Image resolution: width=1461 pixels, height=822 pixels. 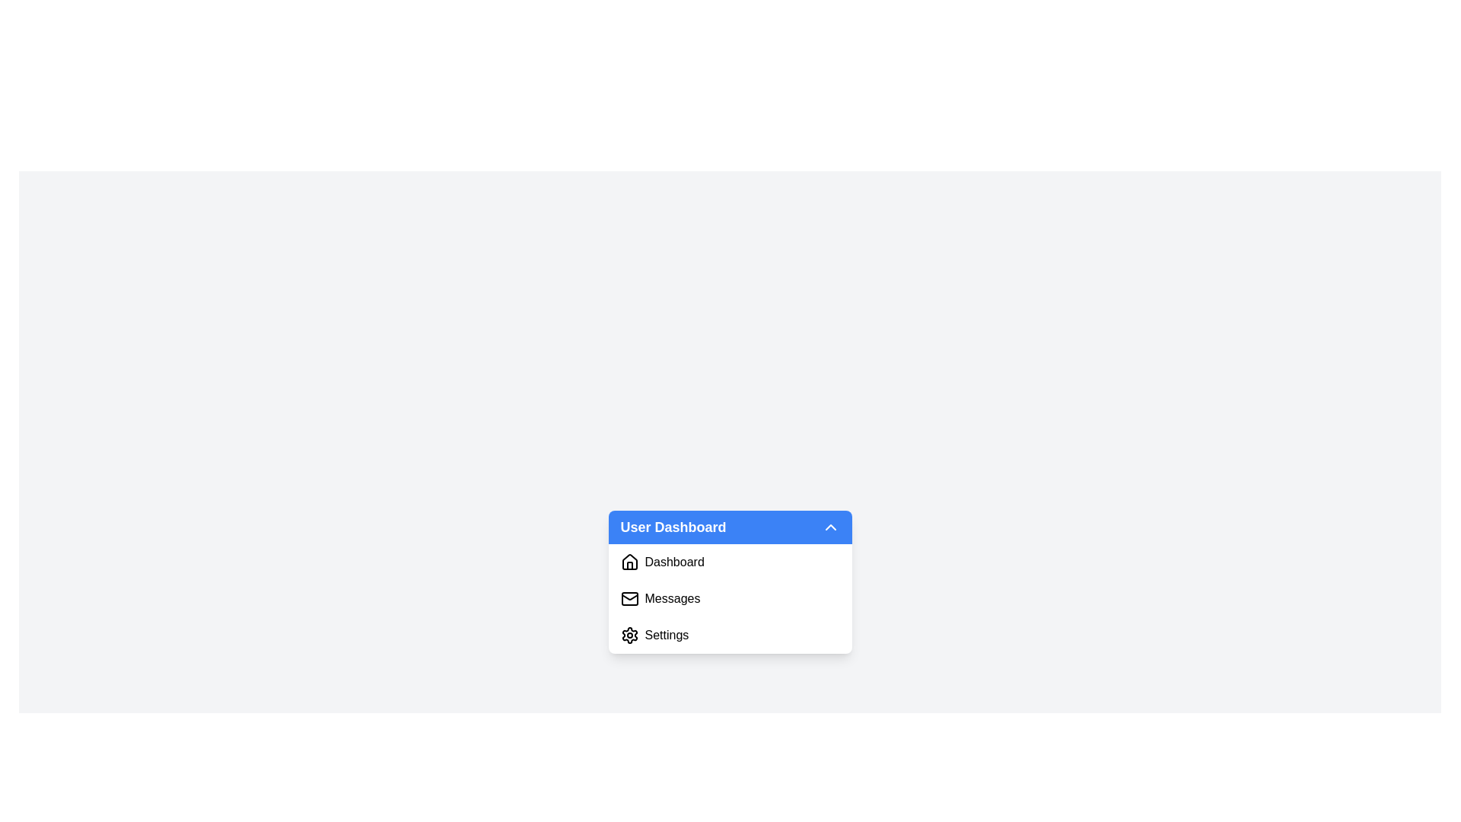 I want to click on the Dropdown menu located centrally in the viewport, so click(x=729, y=581).